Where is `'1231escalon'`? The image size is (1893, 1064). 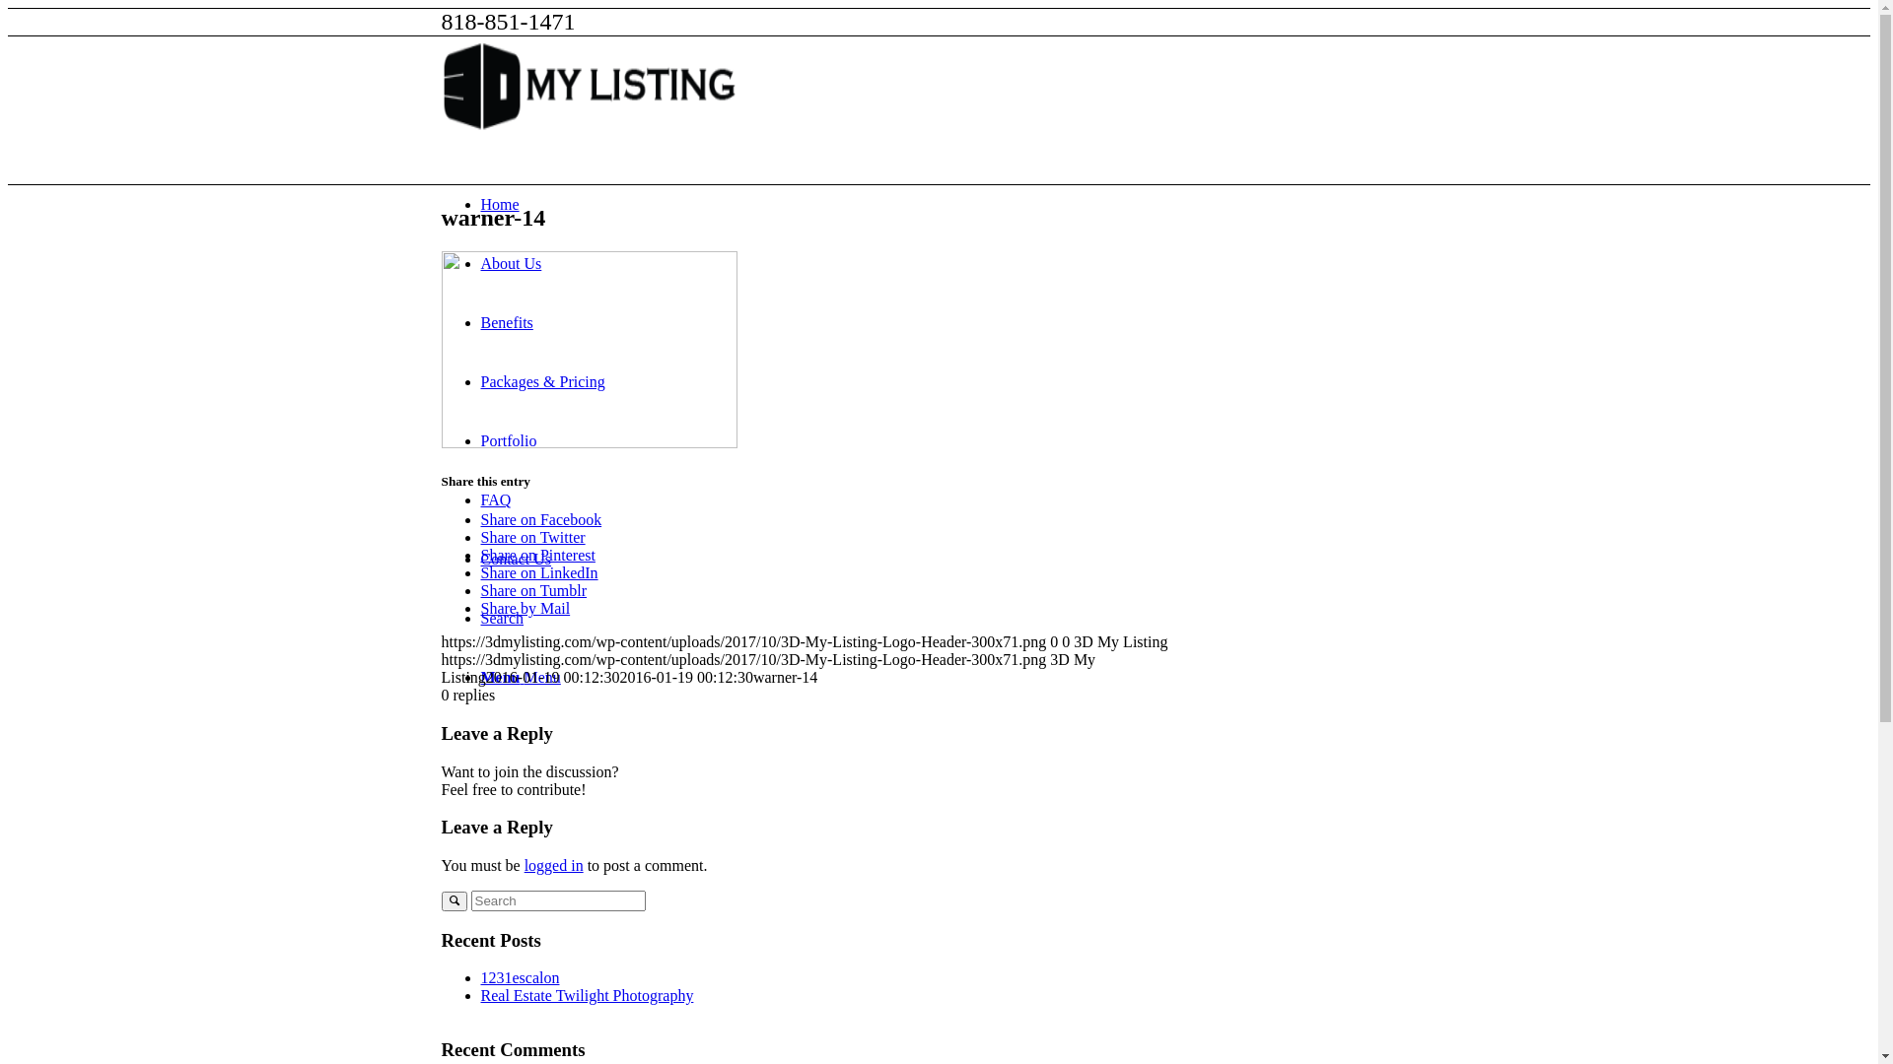
'1231escalon' is located at coordinates (521, 977).